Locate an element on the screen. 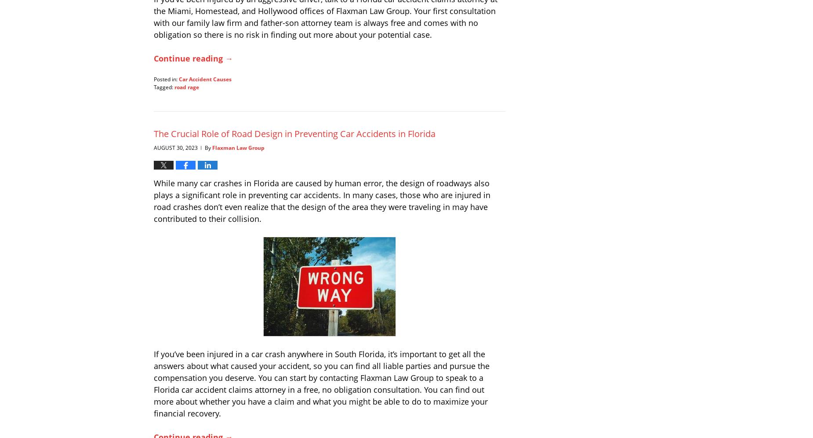  'By' is located at coordinates (208, 147).